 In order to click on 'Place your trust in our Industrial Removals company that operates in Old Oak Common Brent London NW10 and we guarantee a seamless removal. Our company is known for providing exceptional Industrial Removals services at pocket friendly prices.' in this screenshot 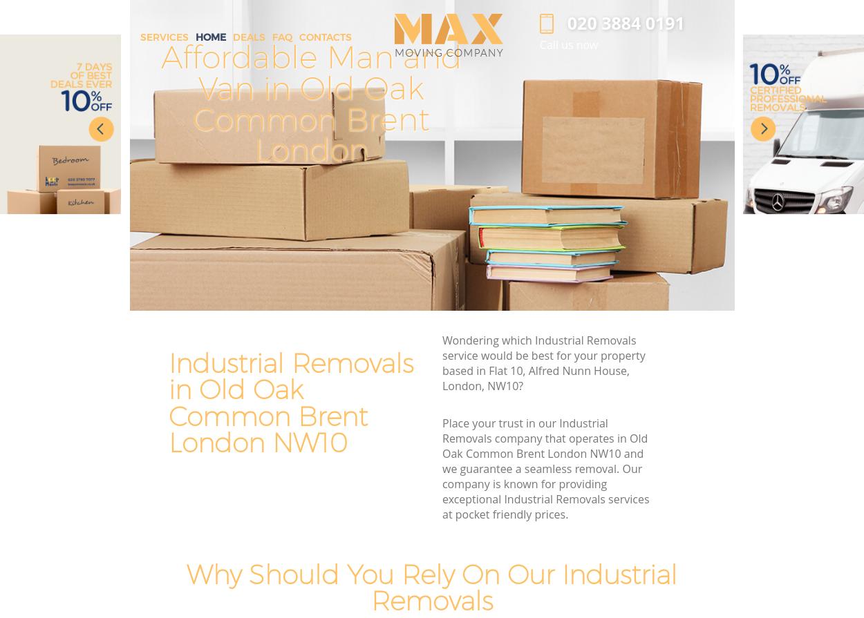, I will do `click(545, 468)`.